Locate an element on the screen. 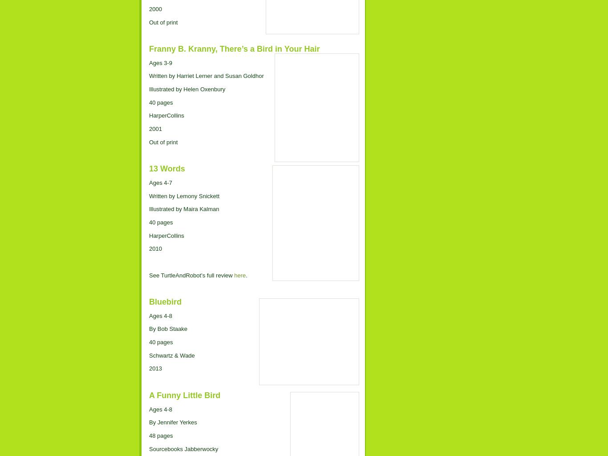  'Written by Harriet Lerner and Susan Goldhor' is located at coordinates (206, 75).